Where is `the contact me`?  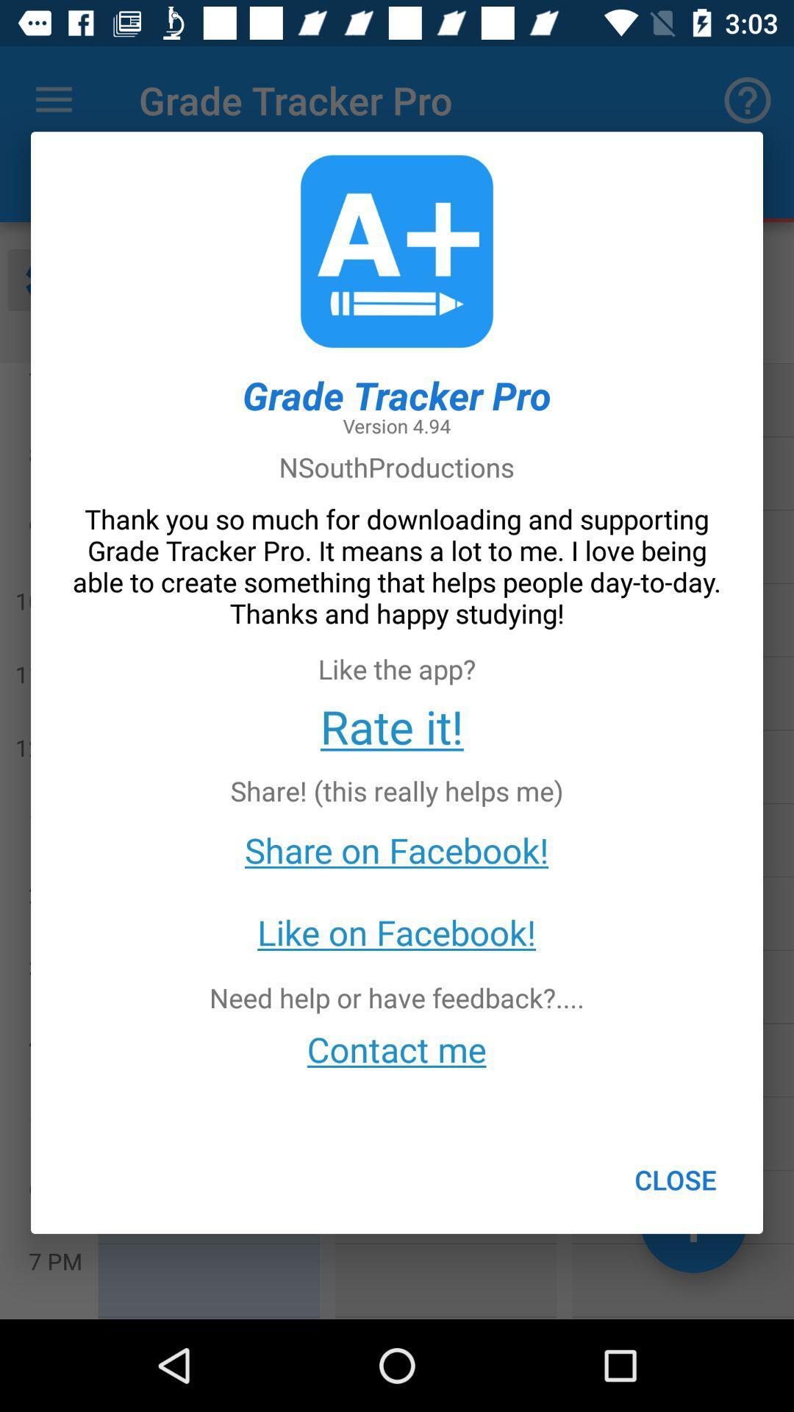
the contact me is located at coordinates (396, 1048).